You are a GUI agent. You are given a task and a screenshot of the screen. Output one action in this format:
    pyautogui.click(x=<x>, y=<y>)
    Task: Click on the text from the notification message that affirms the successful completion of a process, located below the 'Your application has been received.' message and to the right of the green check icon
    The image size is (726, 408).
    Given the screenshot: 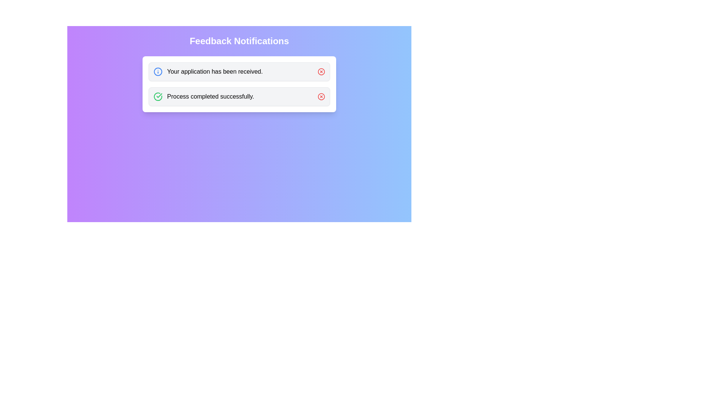 What is the action you would take?
    pyautogui.click(x=210, y=96)
    